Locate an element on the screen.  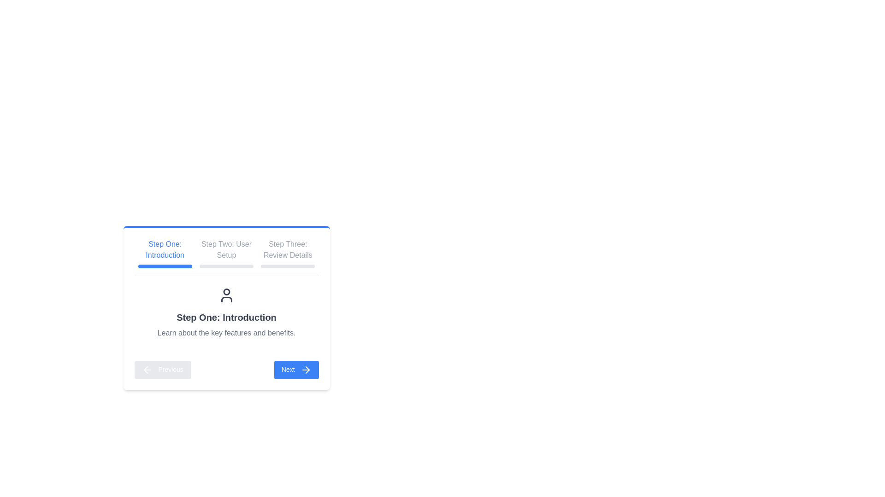
the arrow icon located on the right-hand side of the 'Next' button, which indicates progression in the multi-step process is located at coordinates (307, 369).